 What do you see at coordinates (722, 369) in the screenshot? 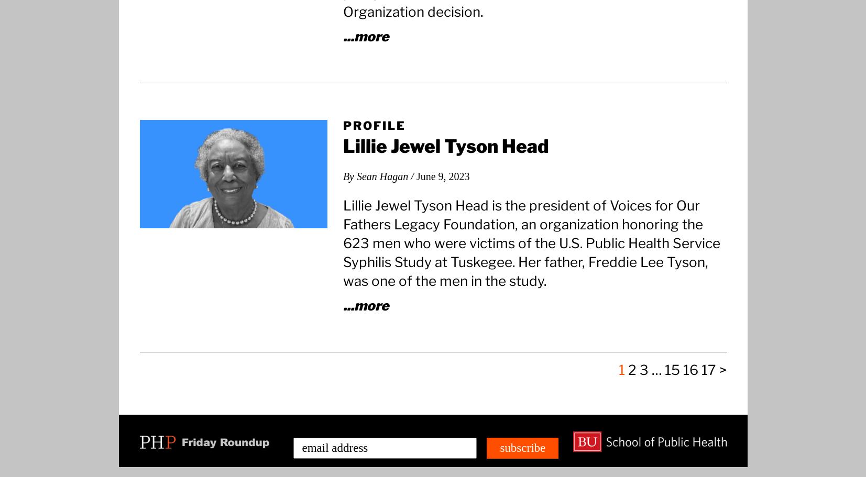
I see `'>'` at bounding box center [722, 369].